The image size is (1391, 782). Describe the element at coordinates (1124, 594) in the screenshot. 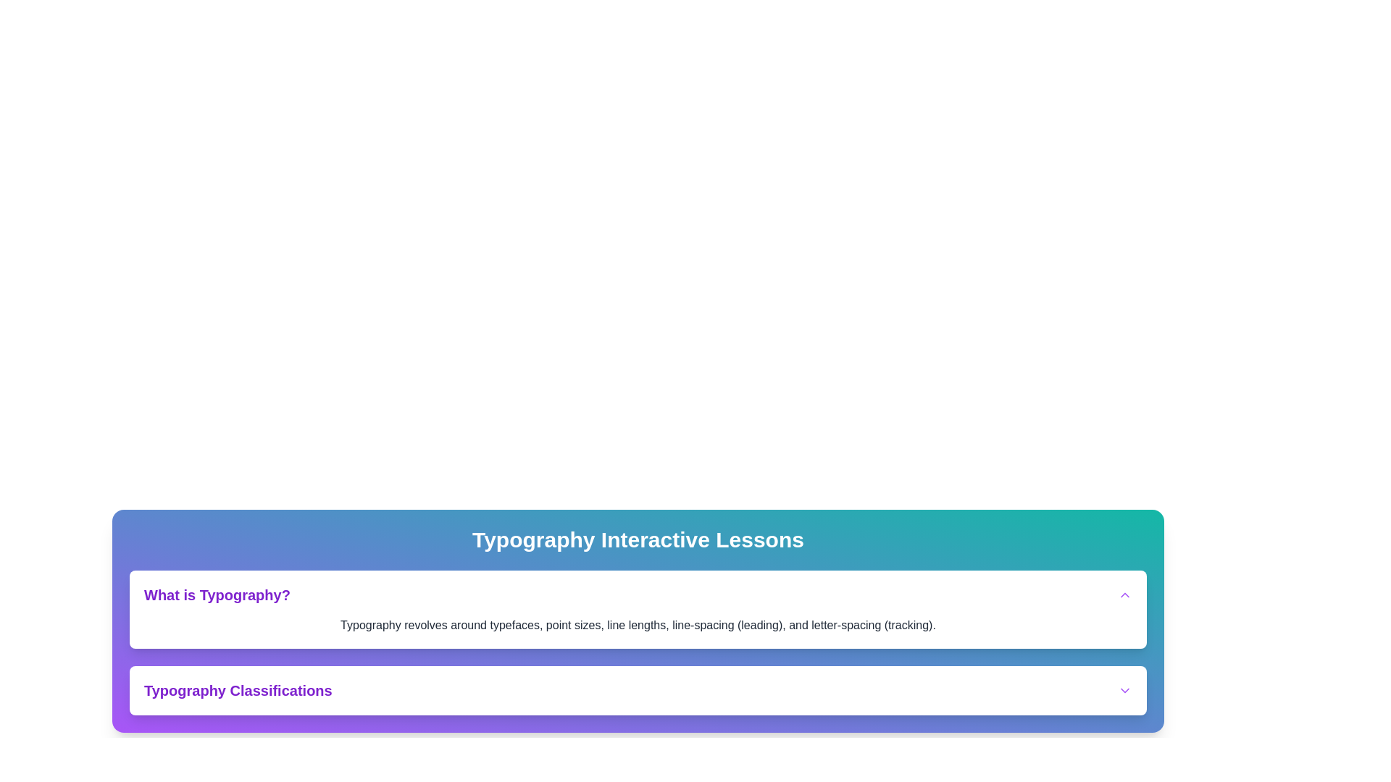

I see `the Interactive Icon located at the right edge of the 'What is Typography?' section to change its color` at that location.